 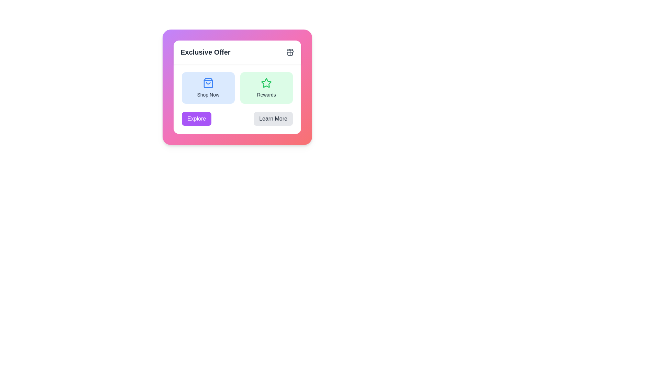 What do you see at coordinates (290, 52) in the screenshot?
I see `the gift box icon with a dark gray outline located in the top-right corner of the horizontal bar displaying 'Exclusive Offer'` at bounding box center [290, 52].